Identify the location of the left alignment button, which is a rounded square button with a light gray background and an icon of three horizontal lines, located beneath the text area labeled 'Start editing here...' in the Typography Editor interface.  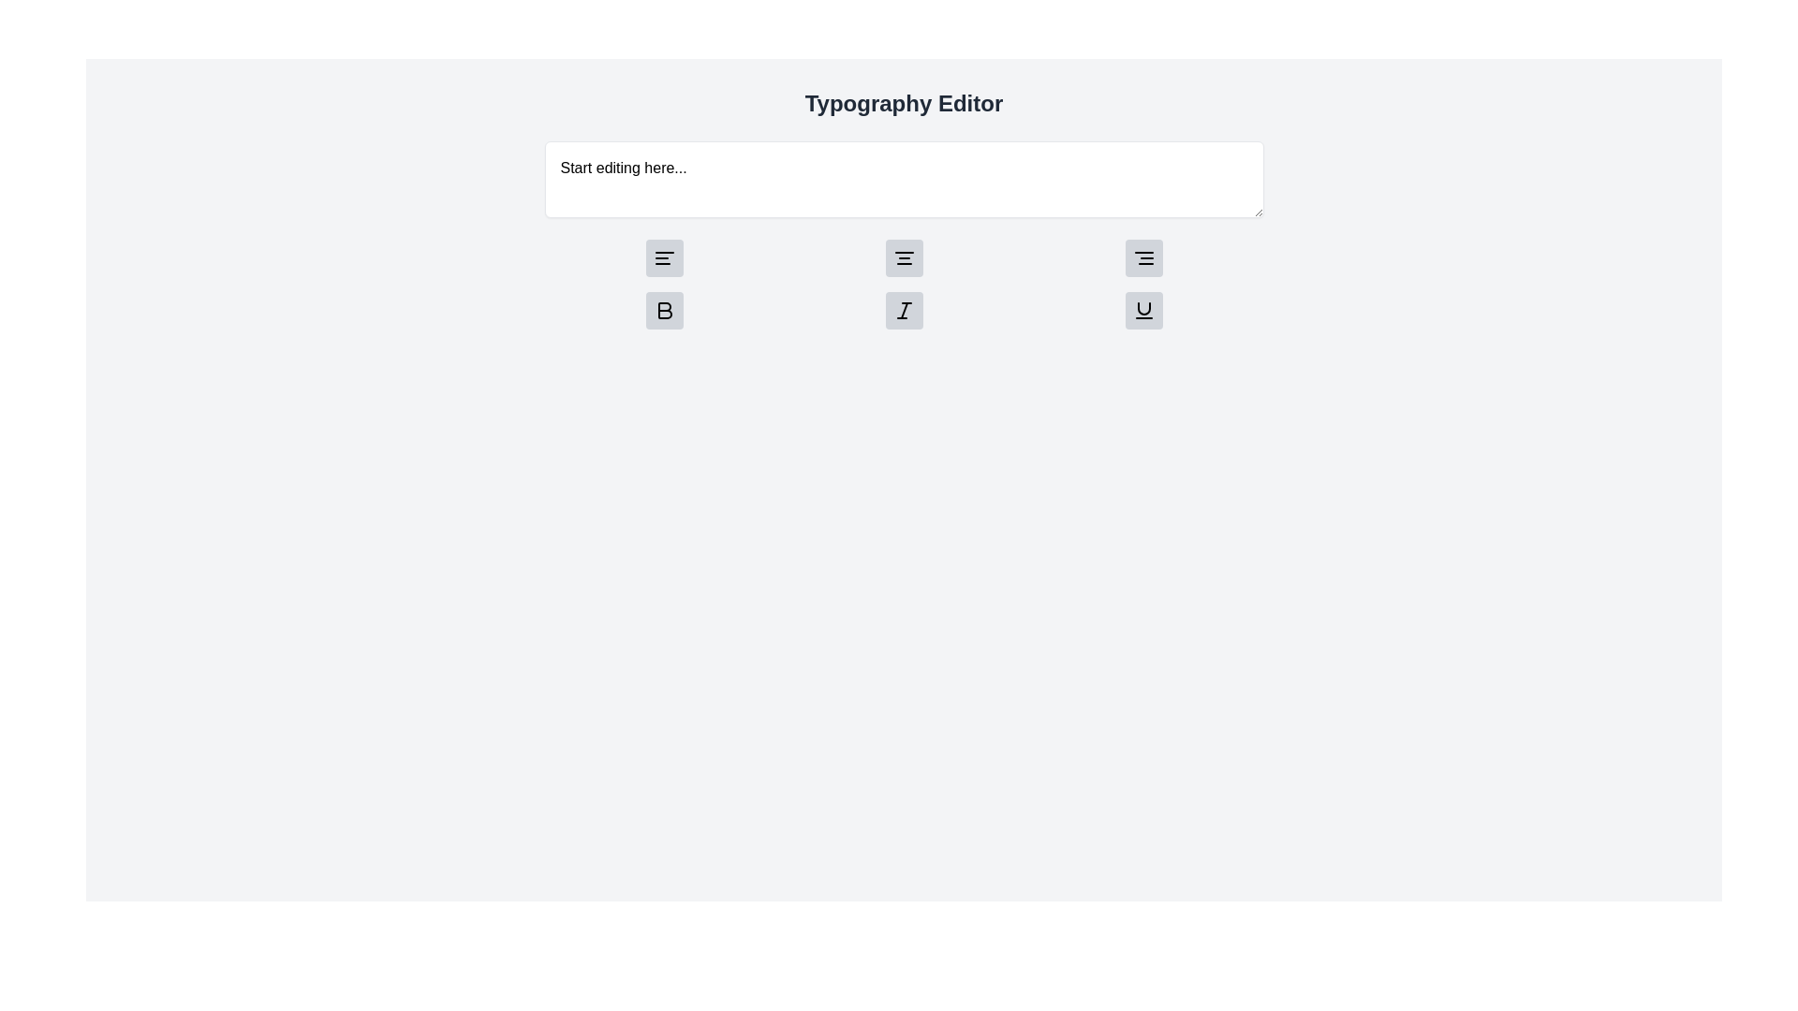
(664, 258).